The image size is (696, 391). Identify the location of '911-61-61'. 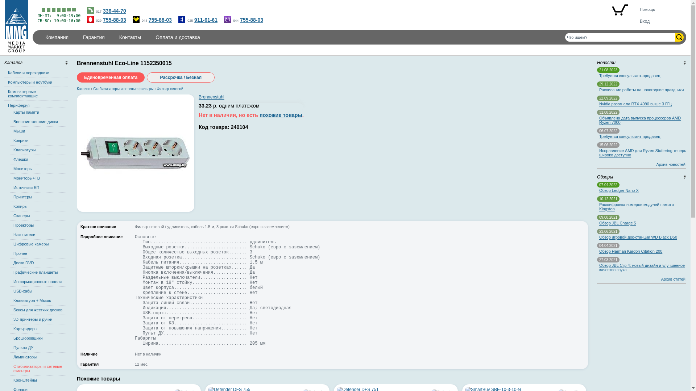
(205, 19).